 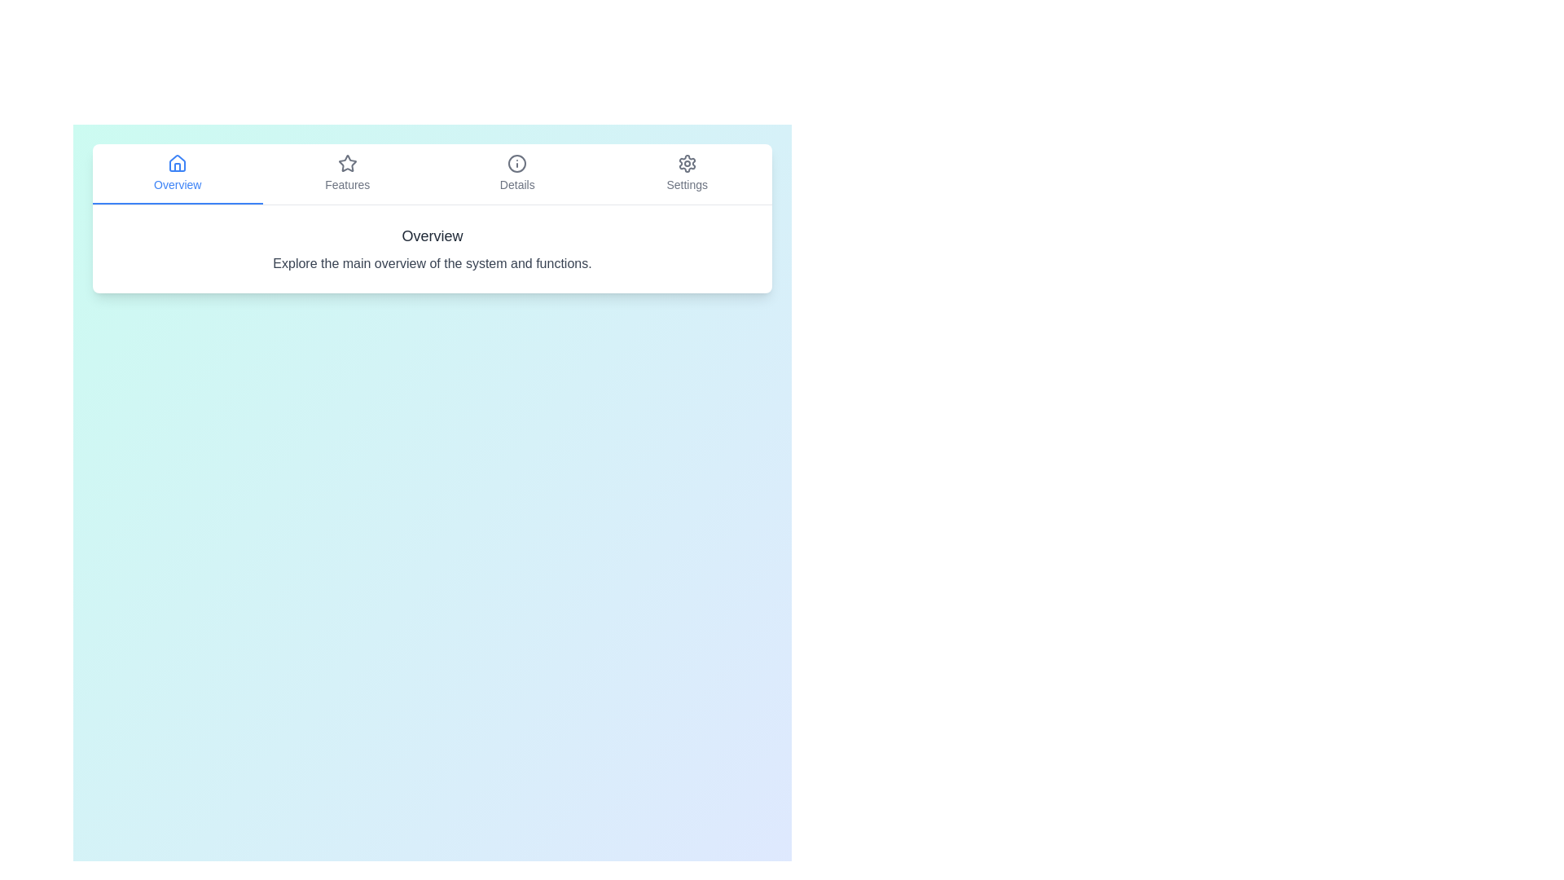 What do you see at coordinates (177, 174) in the screenshot?
I see `the tab labeled Overview` at bounding box center [177, 174].